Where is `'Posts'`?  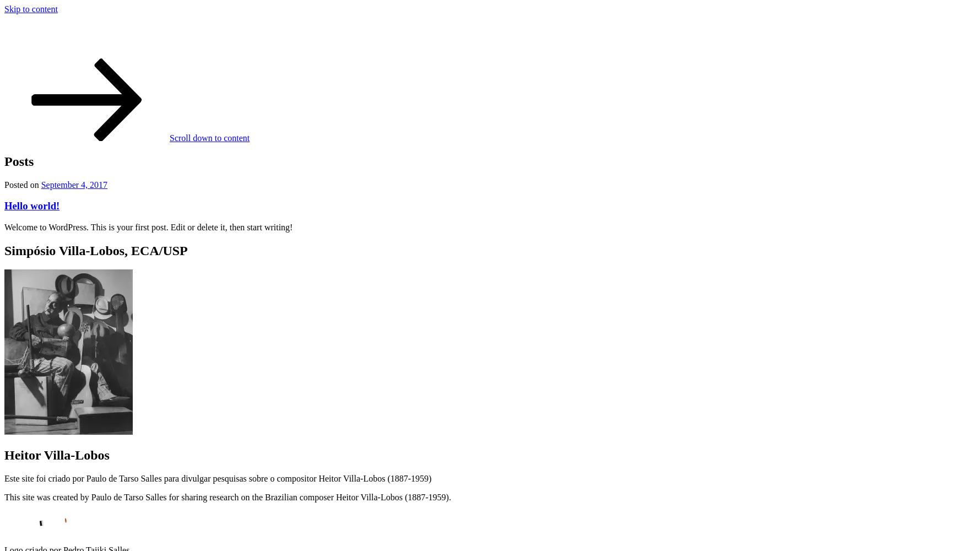 'Posts' is located at coordinates (4, 161).